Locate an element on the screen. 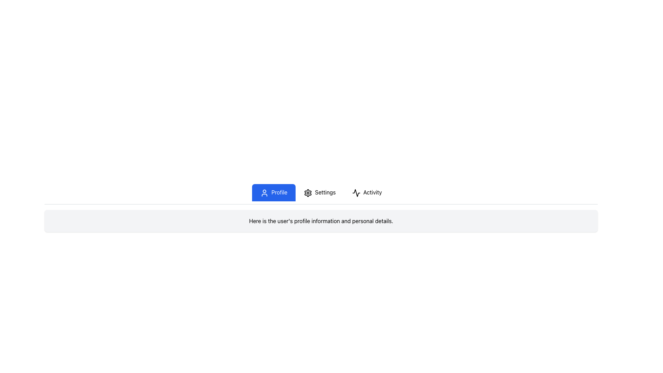  the gear/settings icon located directly to the left of the 'Settings' label, which is styled in a minimalistic line-based design is located at coordinates (308, 193).